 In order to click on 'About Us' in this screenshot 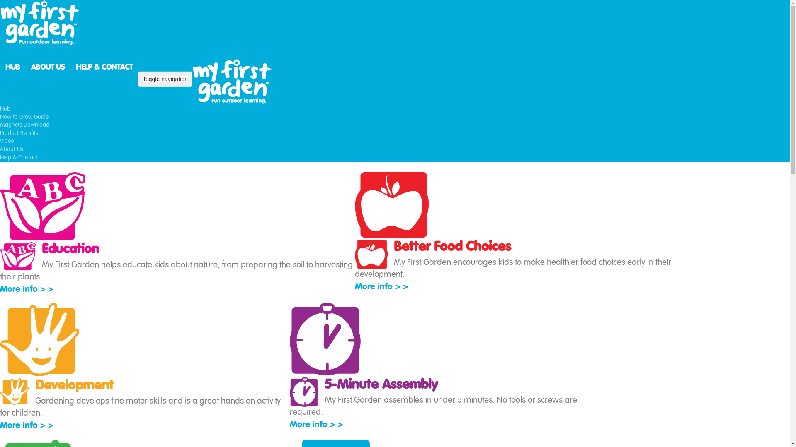, I will do `click(12, 149)`.